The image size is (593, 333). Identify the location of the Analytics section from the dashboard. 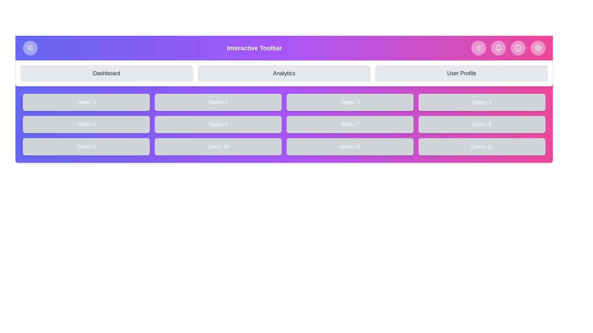
(284, 73).